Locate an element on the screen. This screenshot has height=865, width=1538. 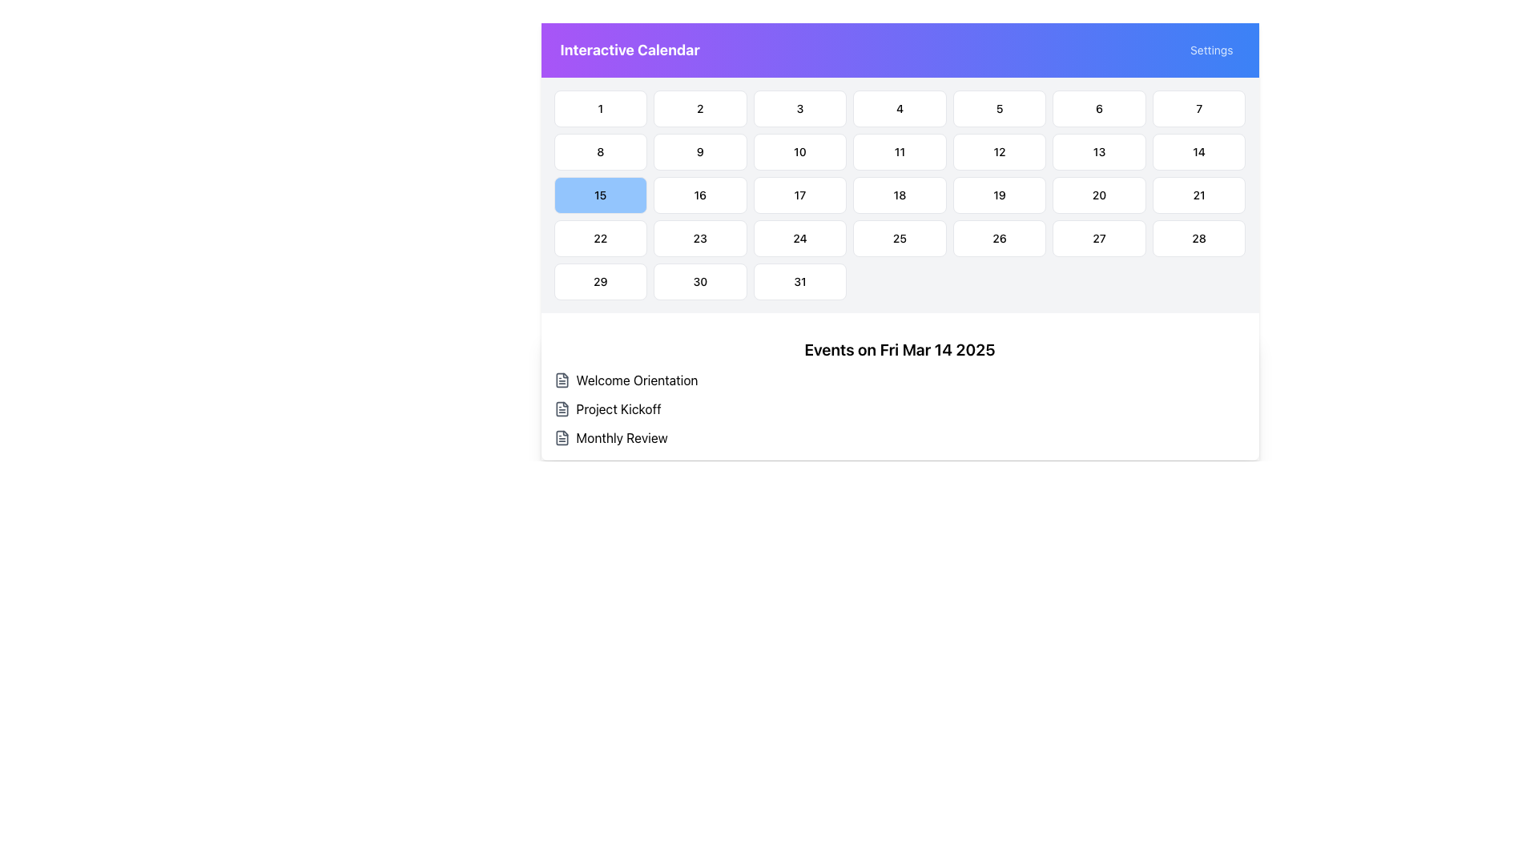
the Text label displaying the number '28' within the last box of the fifth row under the 'Interactive Calendar' header is located at coordinates (1199, 238).